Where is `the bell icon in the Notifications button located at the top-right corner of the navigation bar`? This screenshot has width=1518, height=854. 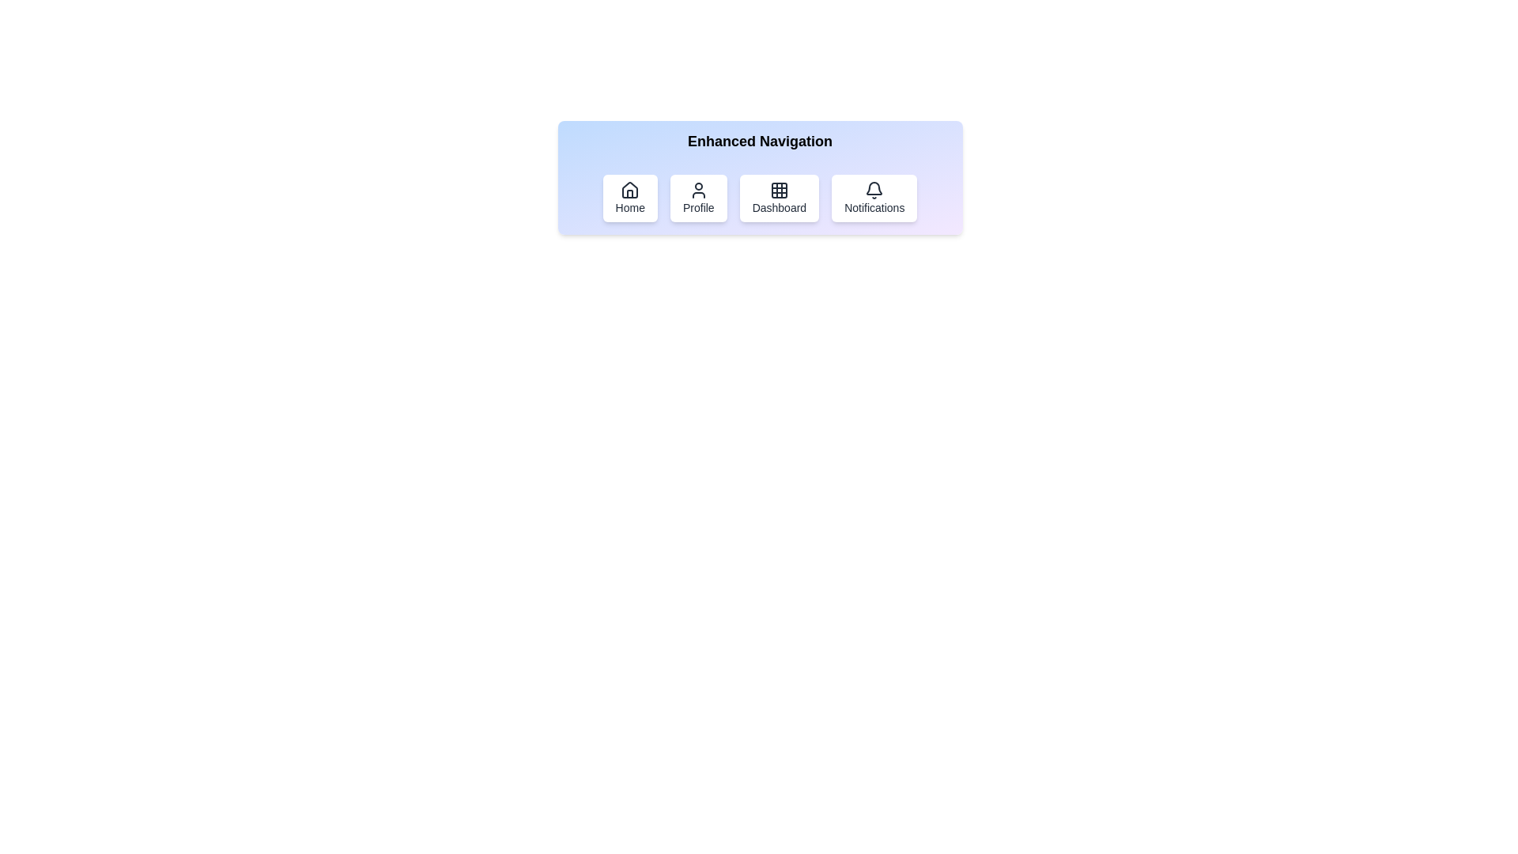 the bell icon in the Notifications button located at the top-right corner of the navigation bar is located at coordinates (874, 189).